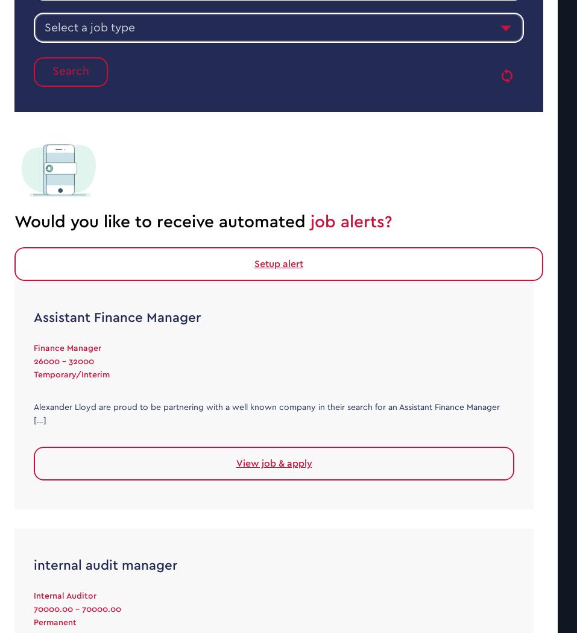  Describe the element at coordinates (351, 221) in the screenshot. I see `'job alerts?'` at that location.